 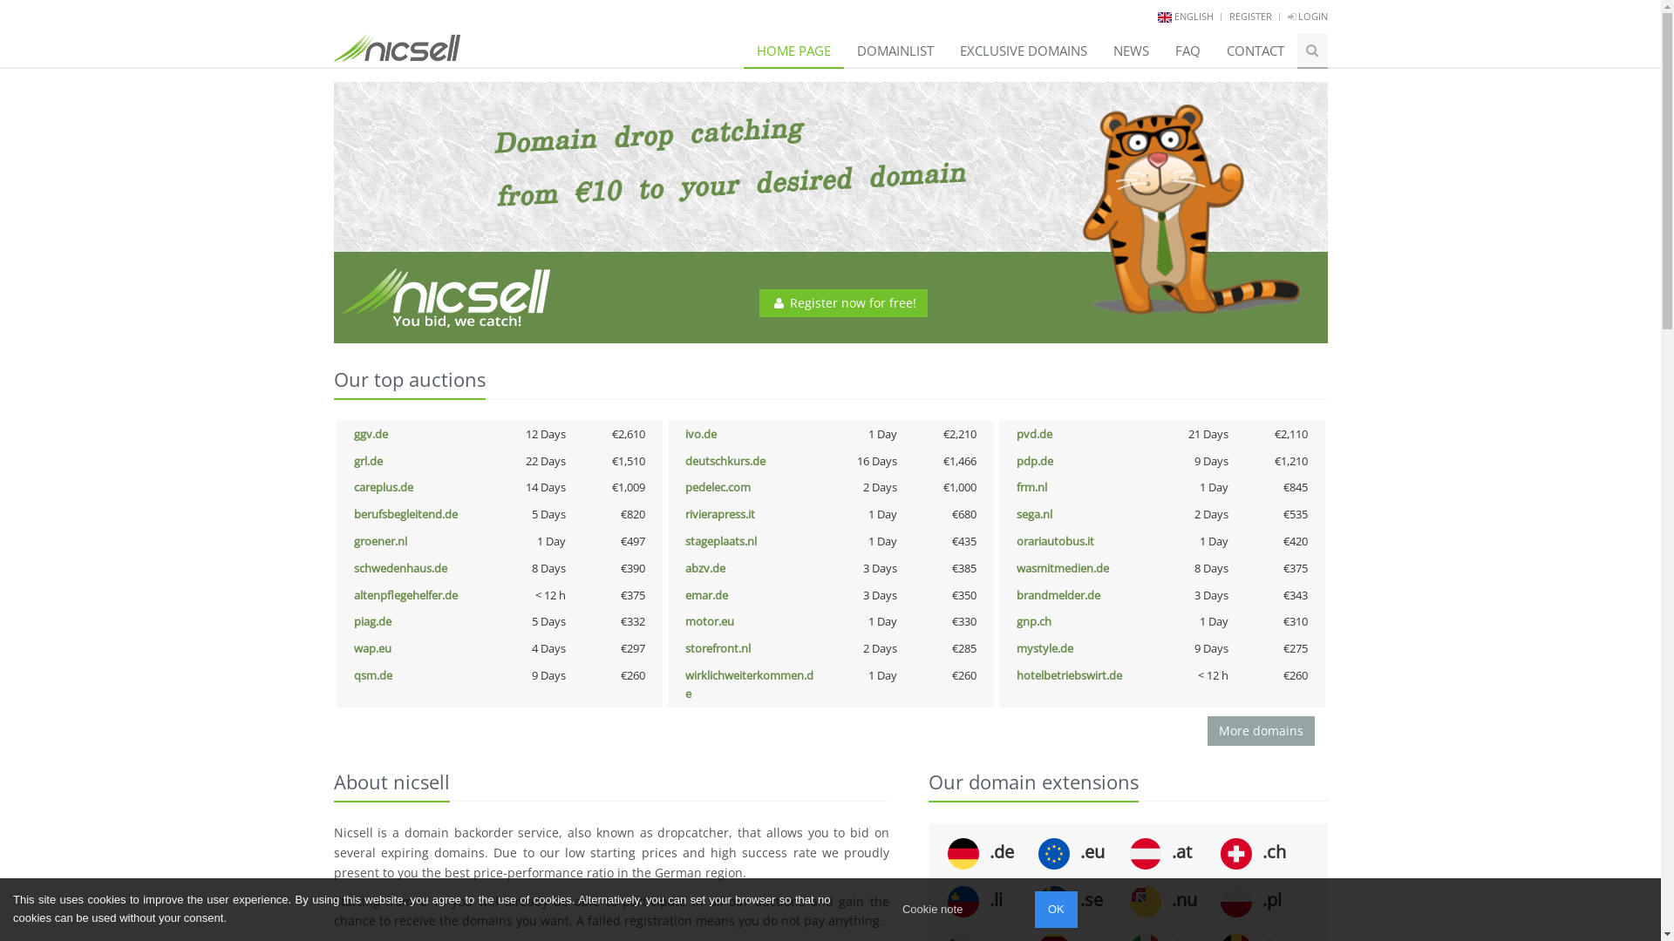 What do you see at coordinates (1031, 487) in the screenshot?
I see `'frm.nl'` at bounding box center [1031, 487].